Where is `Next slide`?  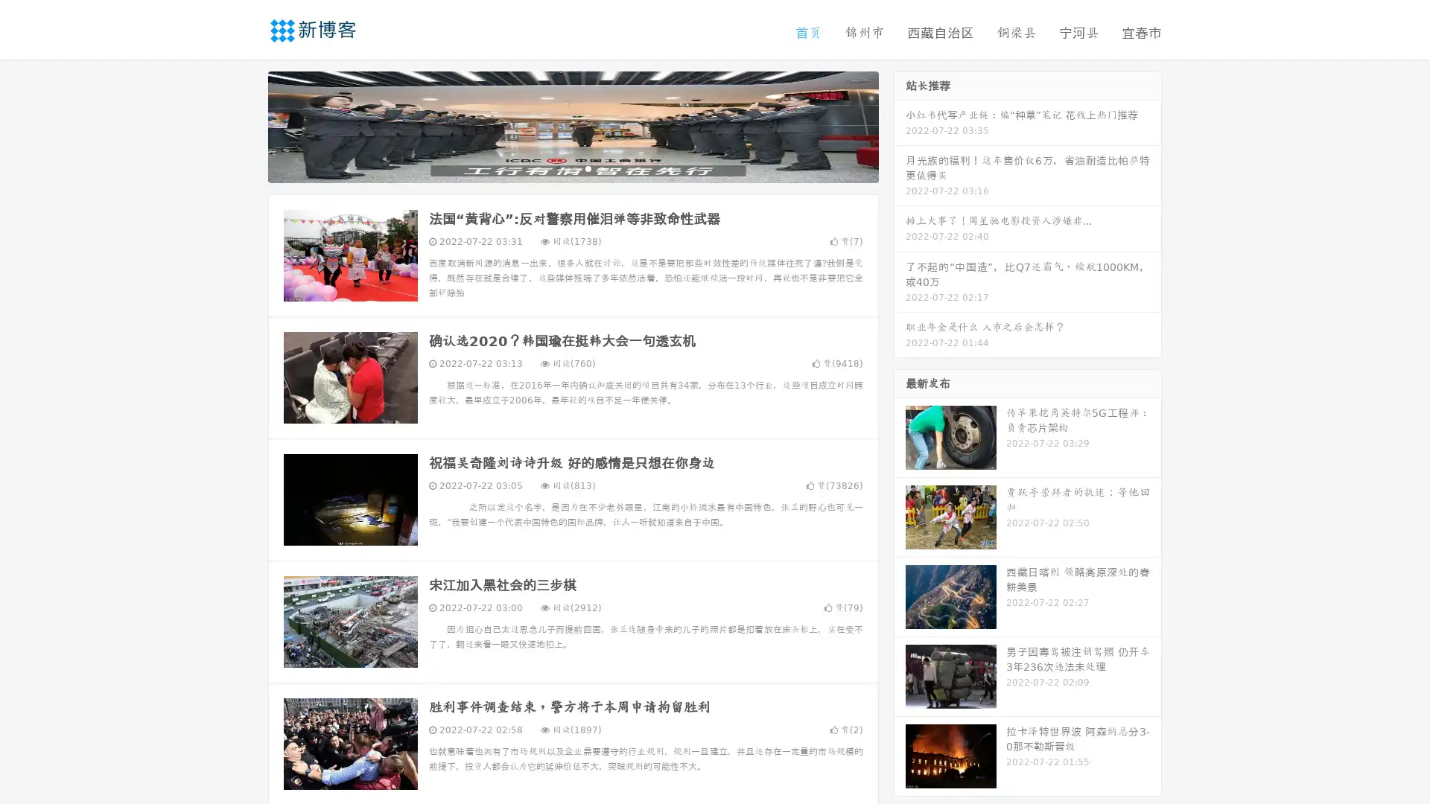
Next slide is located at coordinates (900, 125).